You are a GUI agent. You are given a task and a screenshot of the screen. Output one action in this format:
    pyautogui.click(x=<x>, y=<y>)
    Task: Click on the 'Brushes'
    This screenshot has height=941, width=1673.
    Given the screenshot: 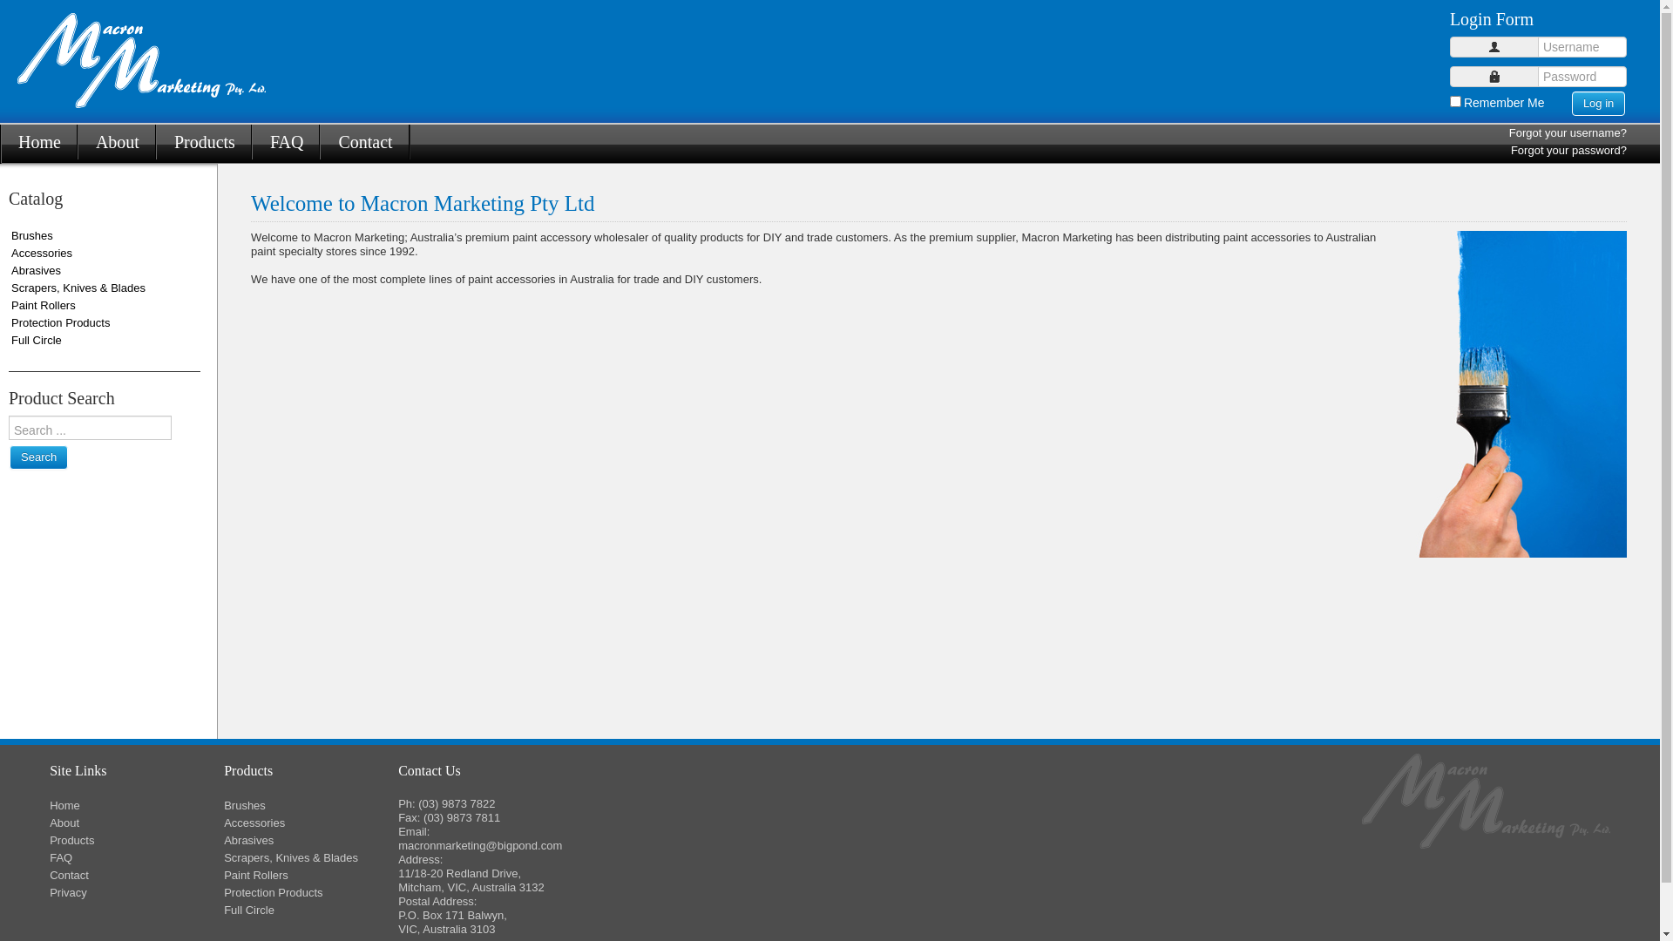 What is the action you would take?
    pyautogui.click(x=223, y=806)
    